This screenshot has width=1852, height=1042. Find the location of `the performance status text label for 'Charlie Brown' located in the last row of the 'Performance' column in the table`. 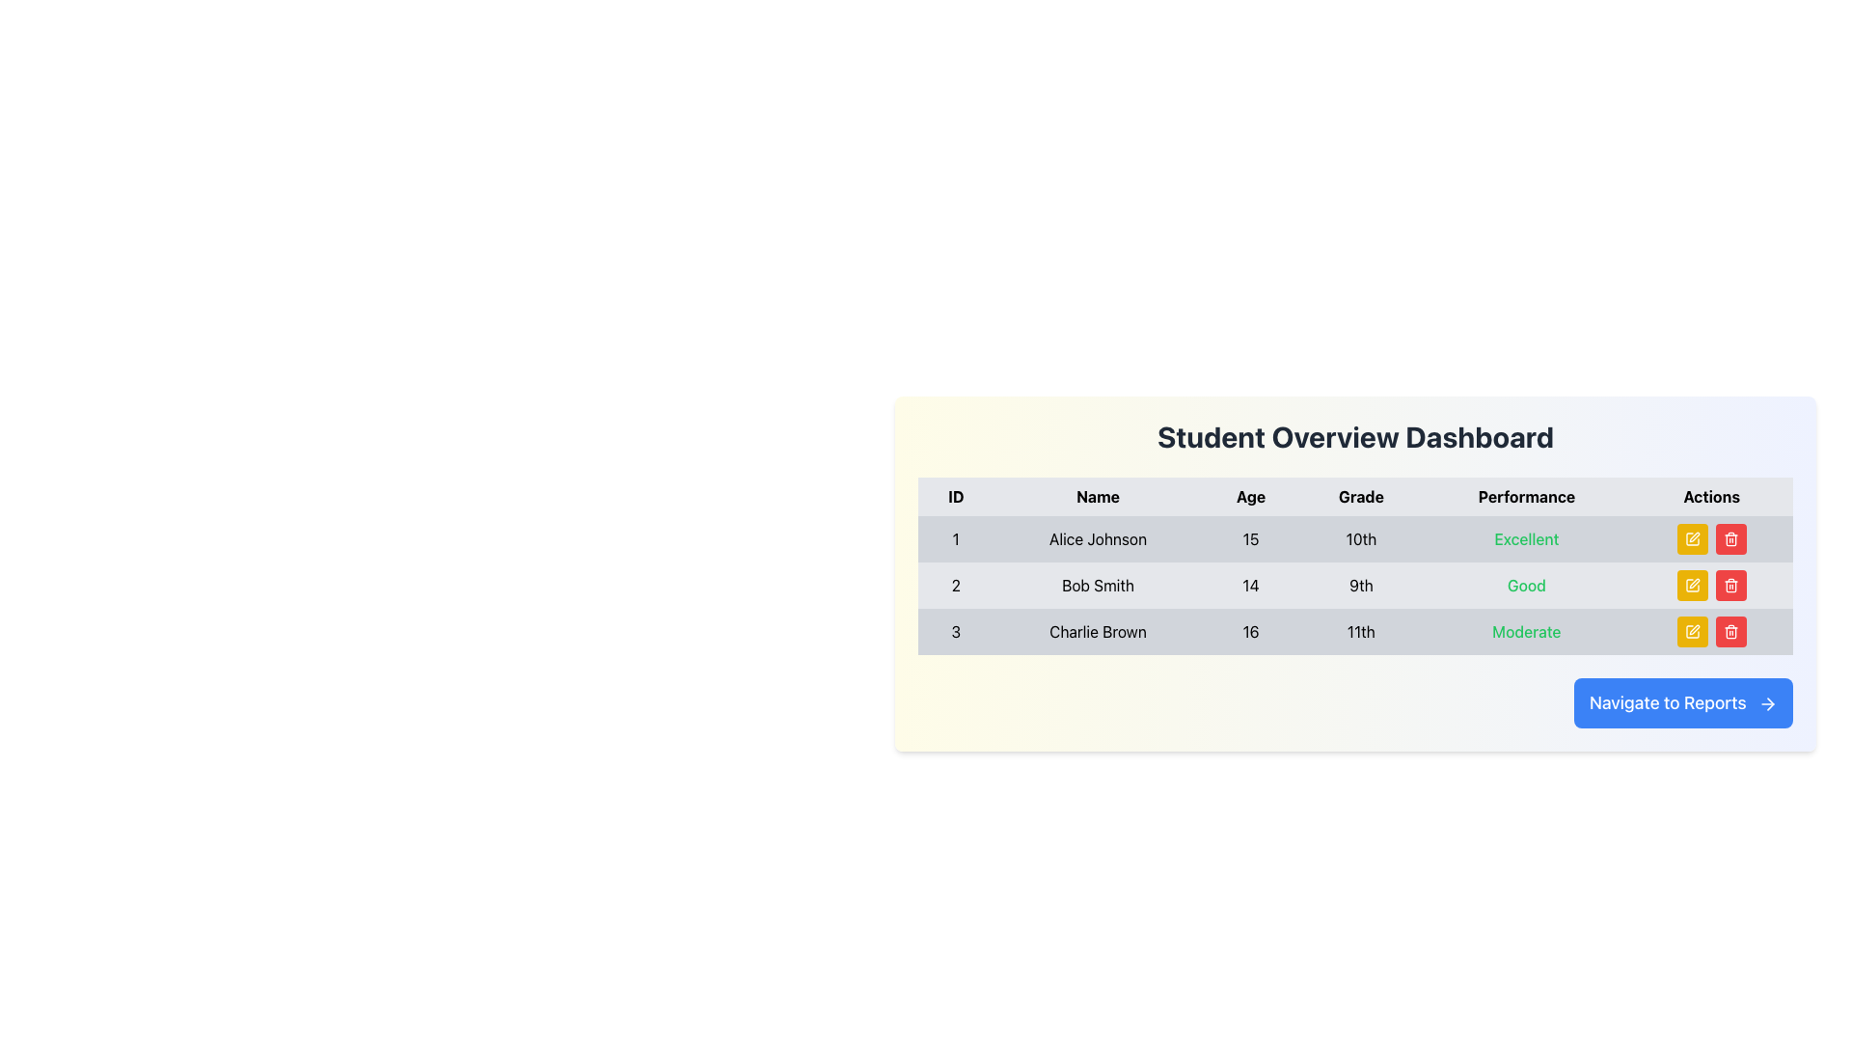

the performance status text label for 'Charlie Brown' located in the last row of the 'Performance' column in the table is located at coordinates (1525, 632).